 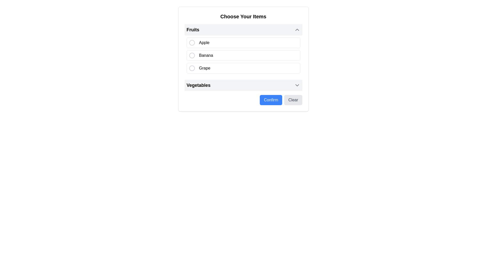 What do you see at coordinates (192, 43) in the screenshot?
I see `the radio button with a gray border located to the left of the text label 'Apple' in the 'Fruits' section of the 'Choose Your Items' card interface` at bounding box center [192, 43].